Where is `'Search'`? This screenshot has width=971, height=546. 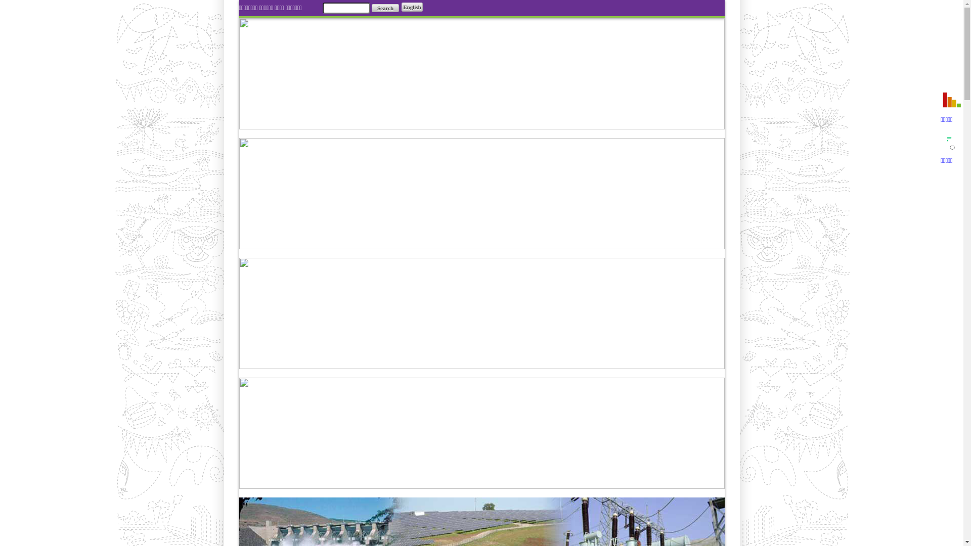 'Search' is located at coordinates (385, 8).